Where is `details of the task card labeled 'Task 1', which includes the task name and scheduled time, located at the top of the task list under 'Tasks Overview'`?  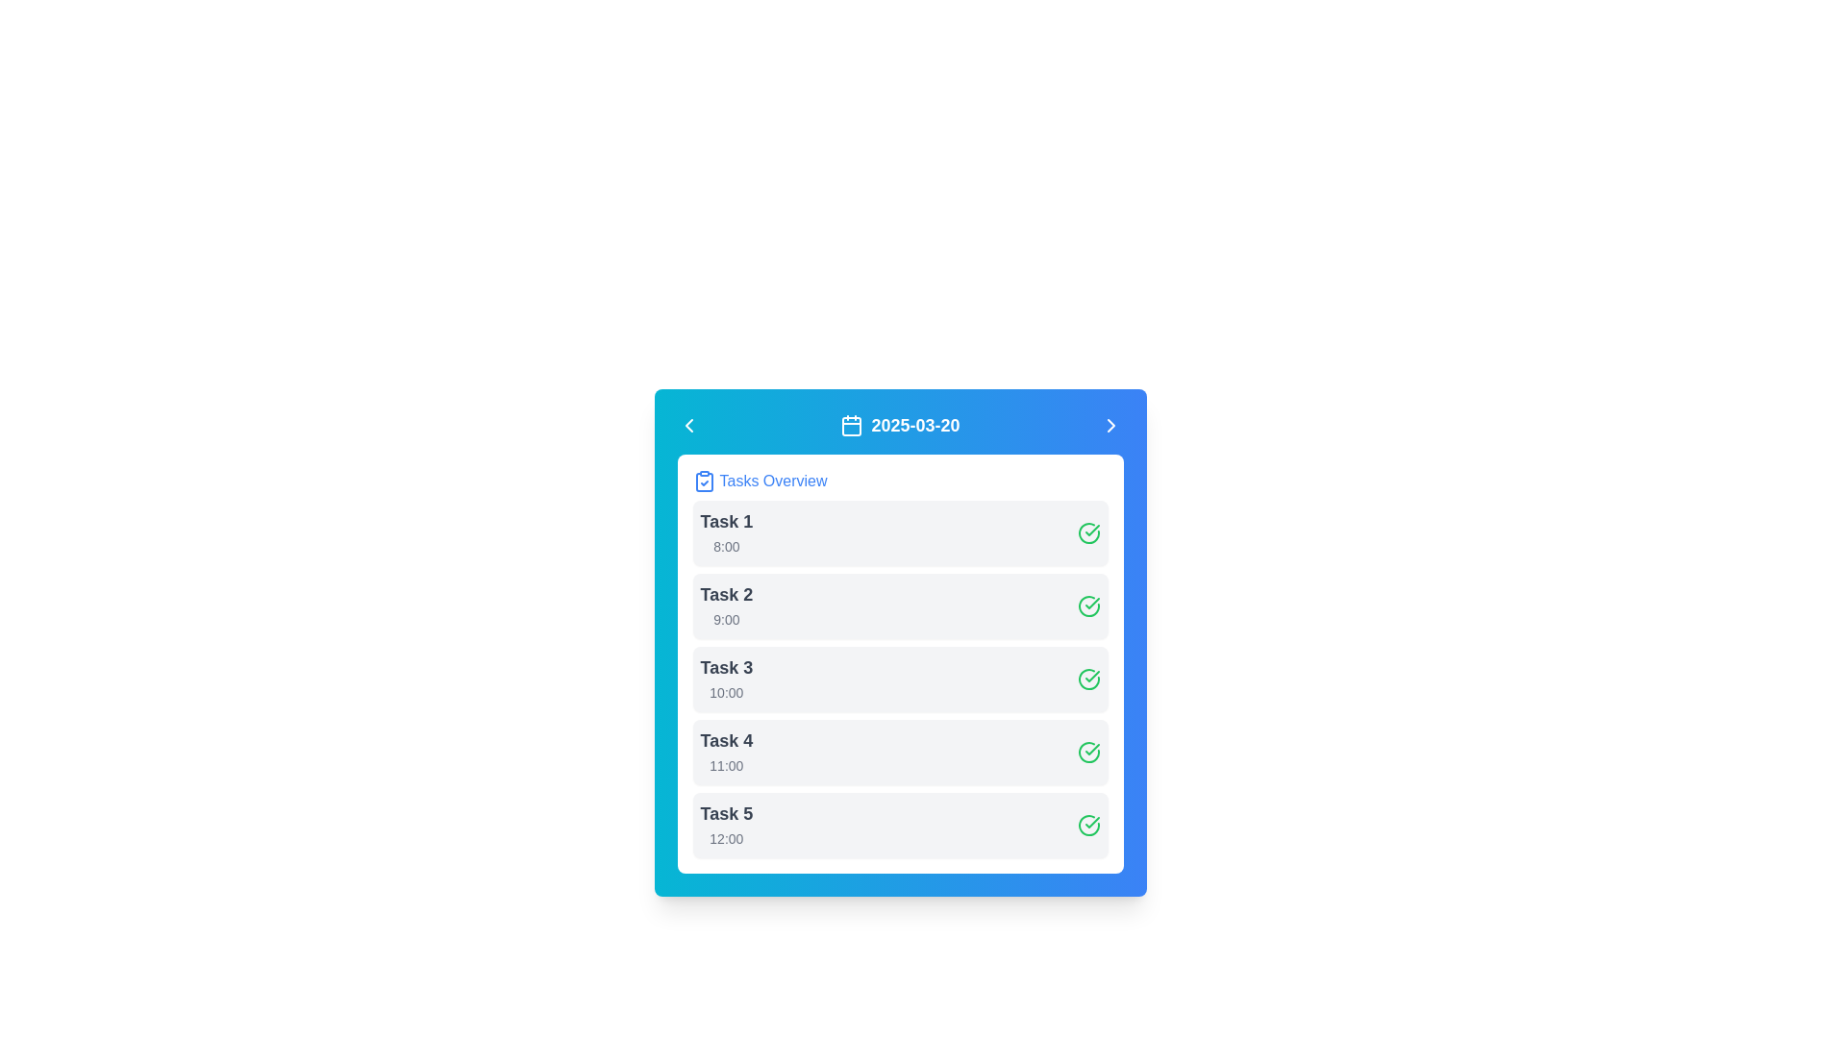
details of the task card labeled 'Task 1', which includes the task name and scheduled time, located at the top of the task list under 'Tasks Overview' is located at coordinates (899, 533).